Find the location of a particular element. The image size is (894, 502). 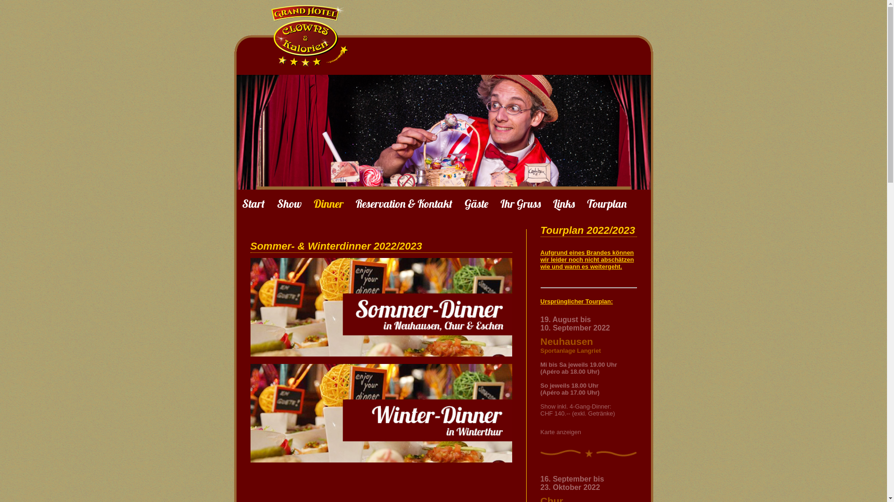

'Karte anzeigen' is located at coordinates (560, 432).